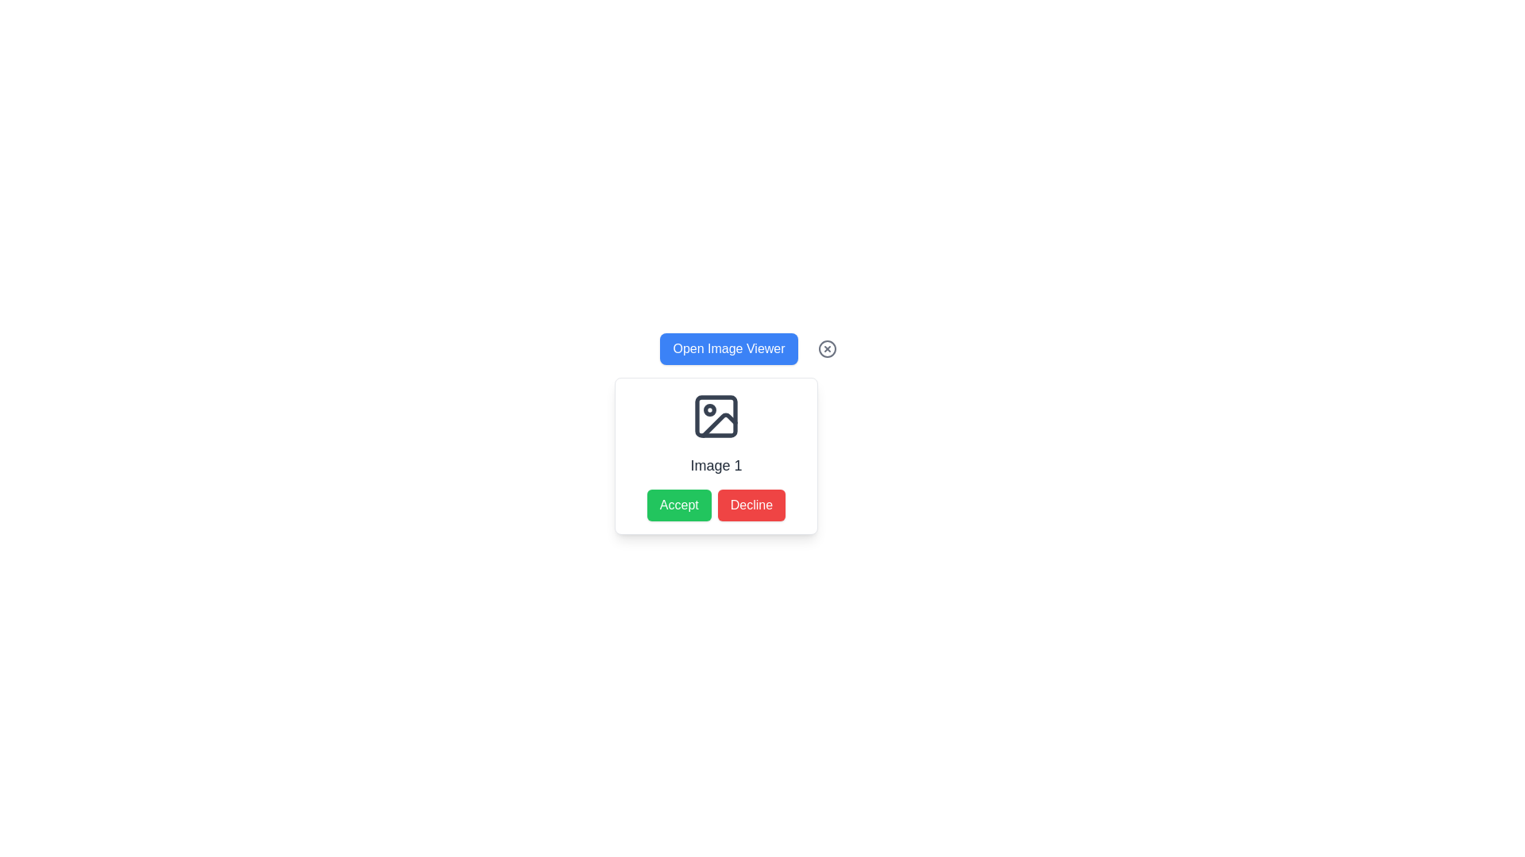  I want to click on the accept button located below 'Image 1' and to the left of the red 'Decline' button to accept the action or offer, so click(679, 505).